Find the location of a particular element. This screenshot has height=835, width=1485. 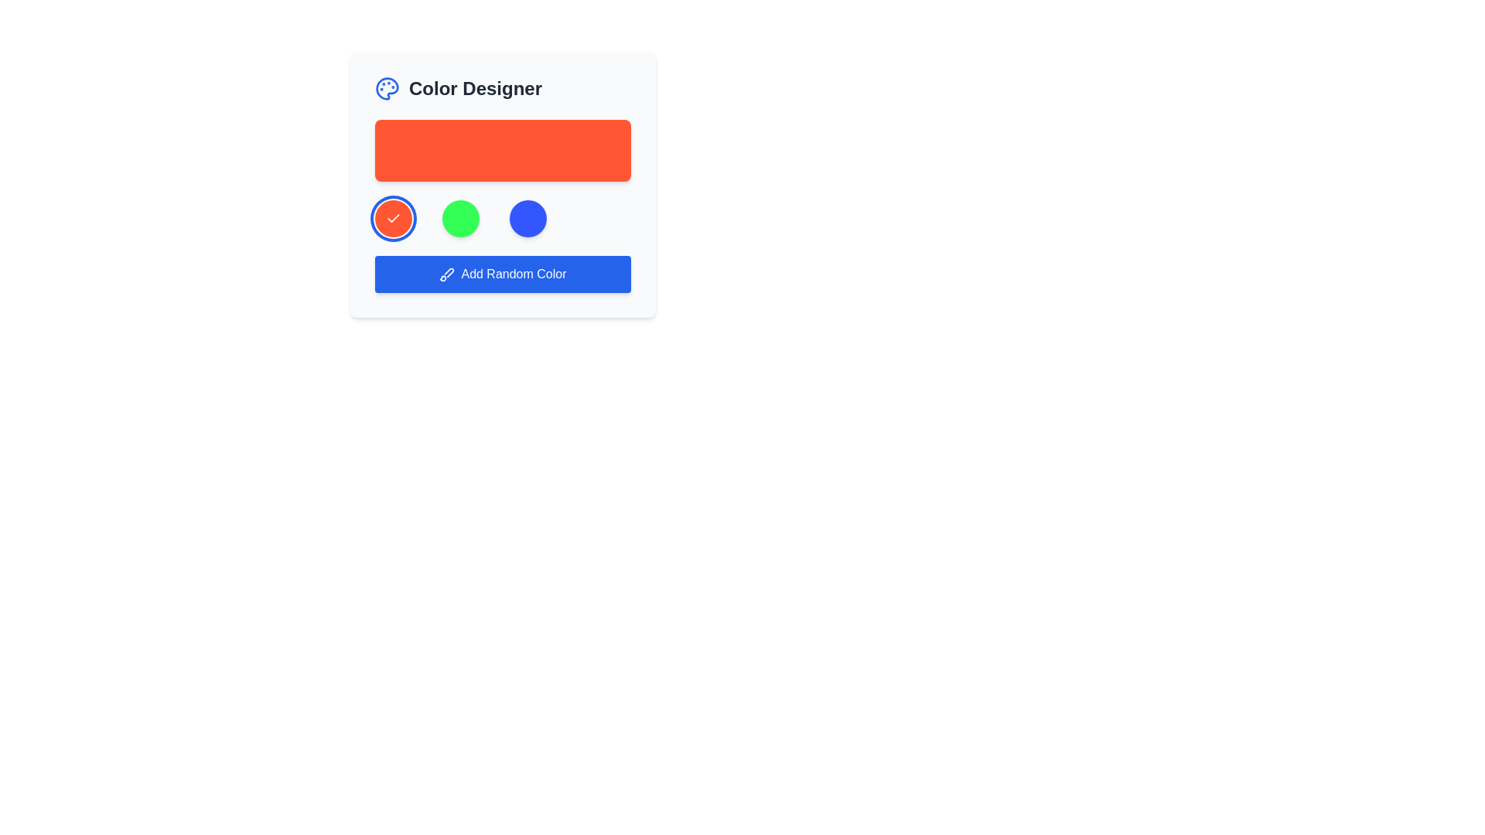

the checkmark icon button, which is a stylized rounded checkmark on an orange circular background, located within a blue ring outline, positioned on the left side of a row of three circular buttons is located at coordinates (393, 218).